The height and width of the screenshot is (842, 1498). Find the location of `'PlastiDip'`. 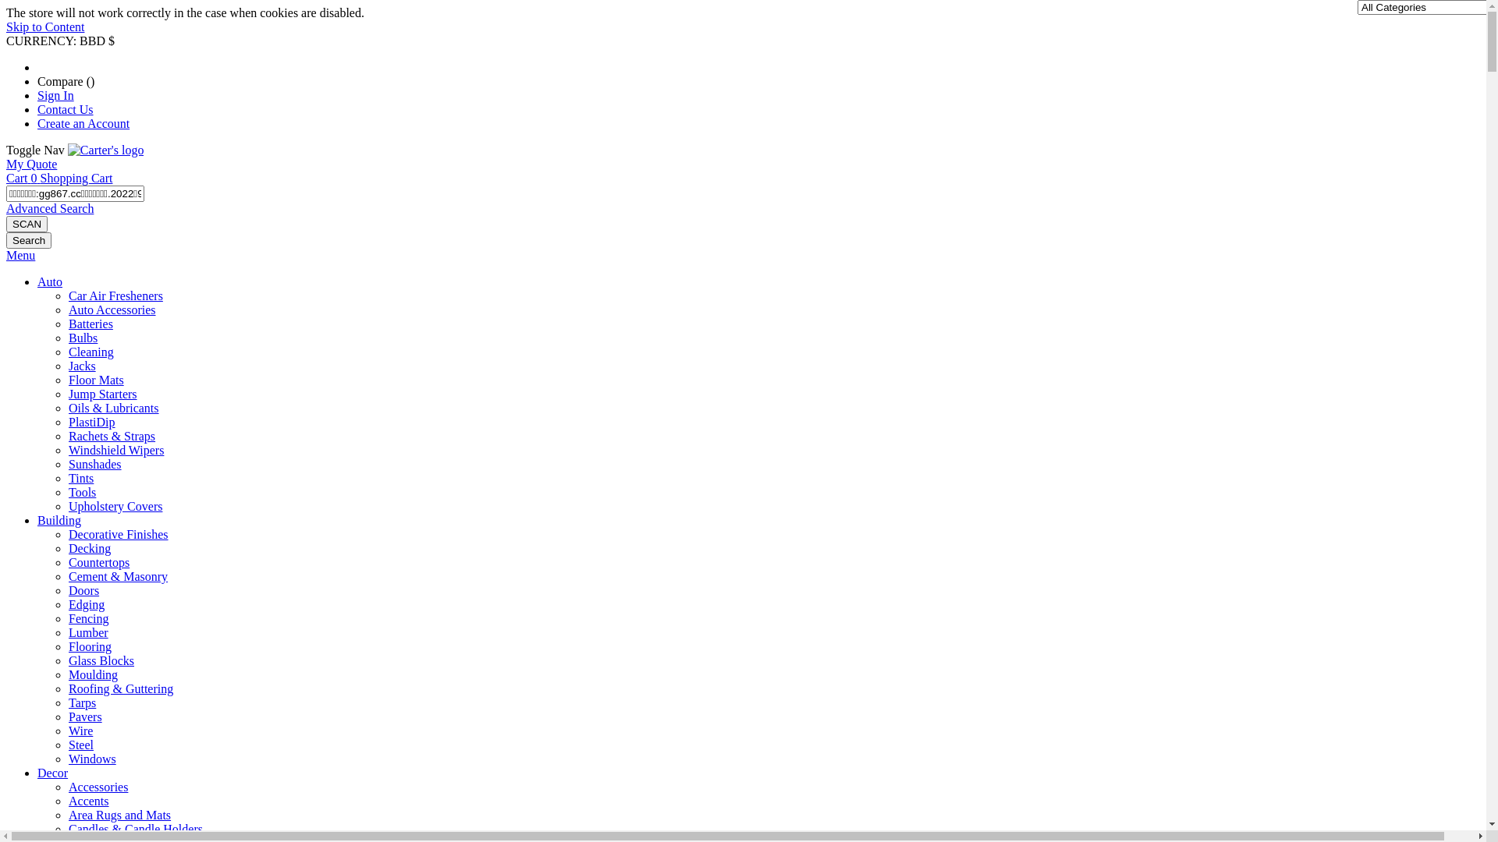

'PlastiDip' is located at coordinates (91, 422).